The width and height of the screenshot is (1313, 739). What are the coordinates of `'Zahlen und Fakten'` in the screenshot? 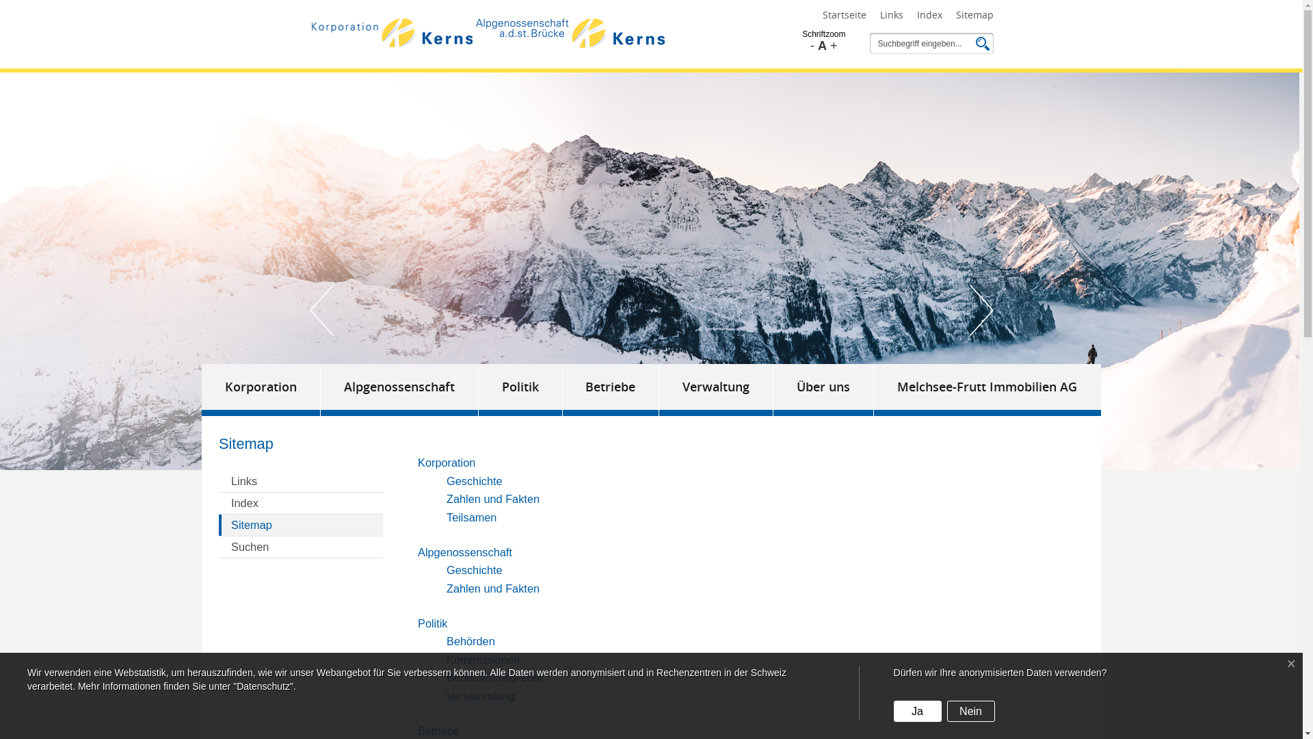 It's located at (492, 588).